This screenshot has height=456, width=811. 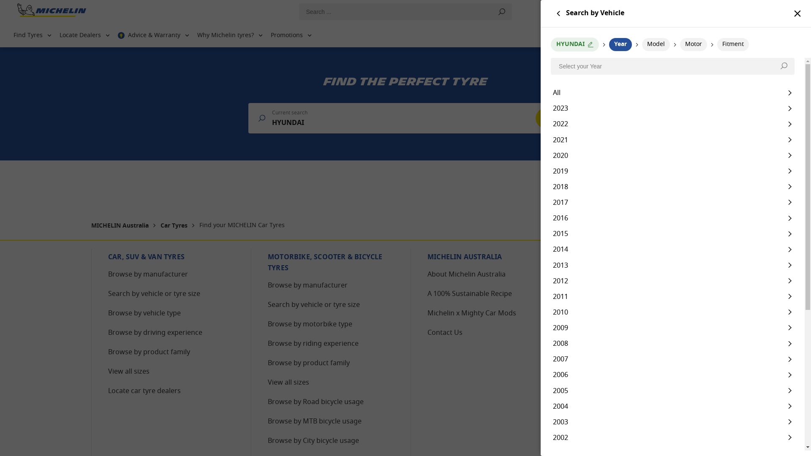 What do you see at coordinates (672, 374) in the screenshot?
I see `'2006'` at bounding box center [672, 374].